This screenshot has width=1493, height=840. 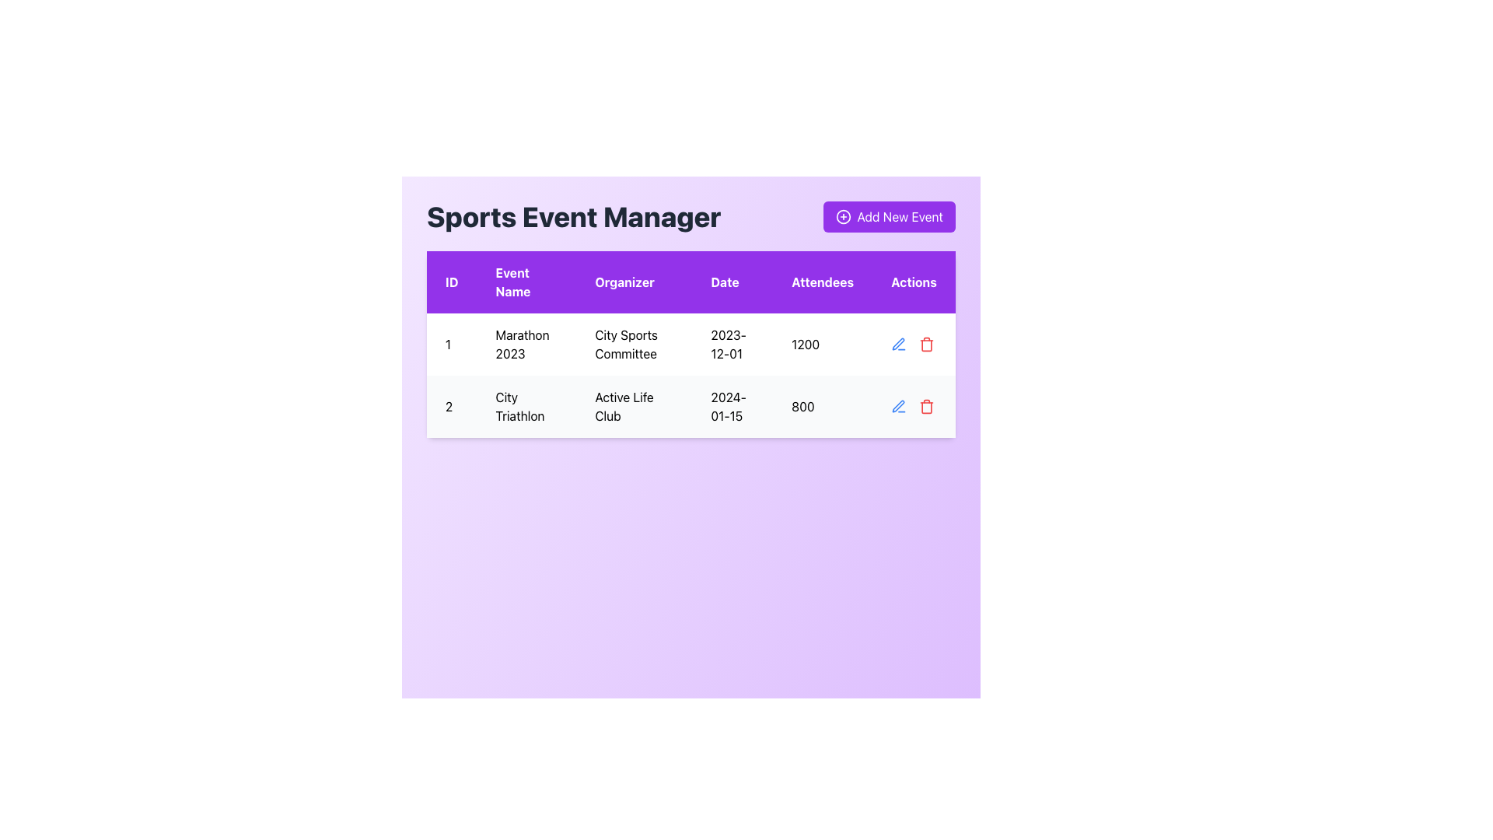 I want to click on the delete button located in the 'Actions' column of the second row of the table to change its color, so click(x=927, y=344).